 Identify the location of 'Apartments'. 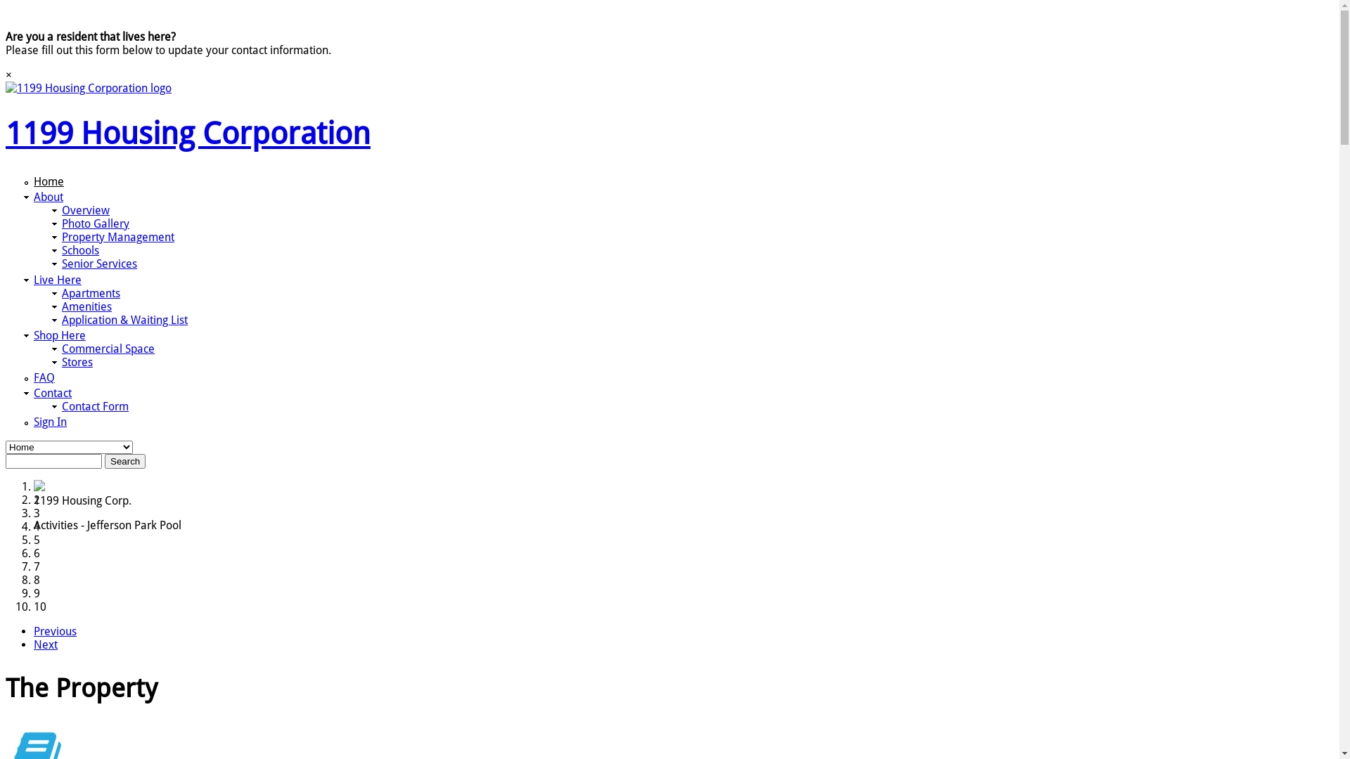
(90, 292).